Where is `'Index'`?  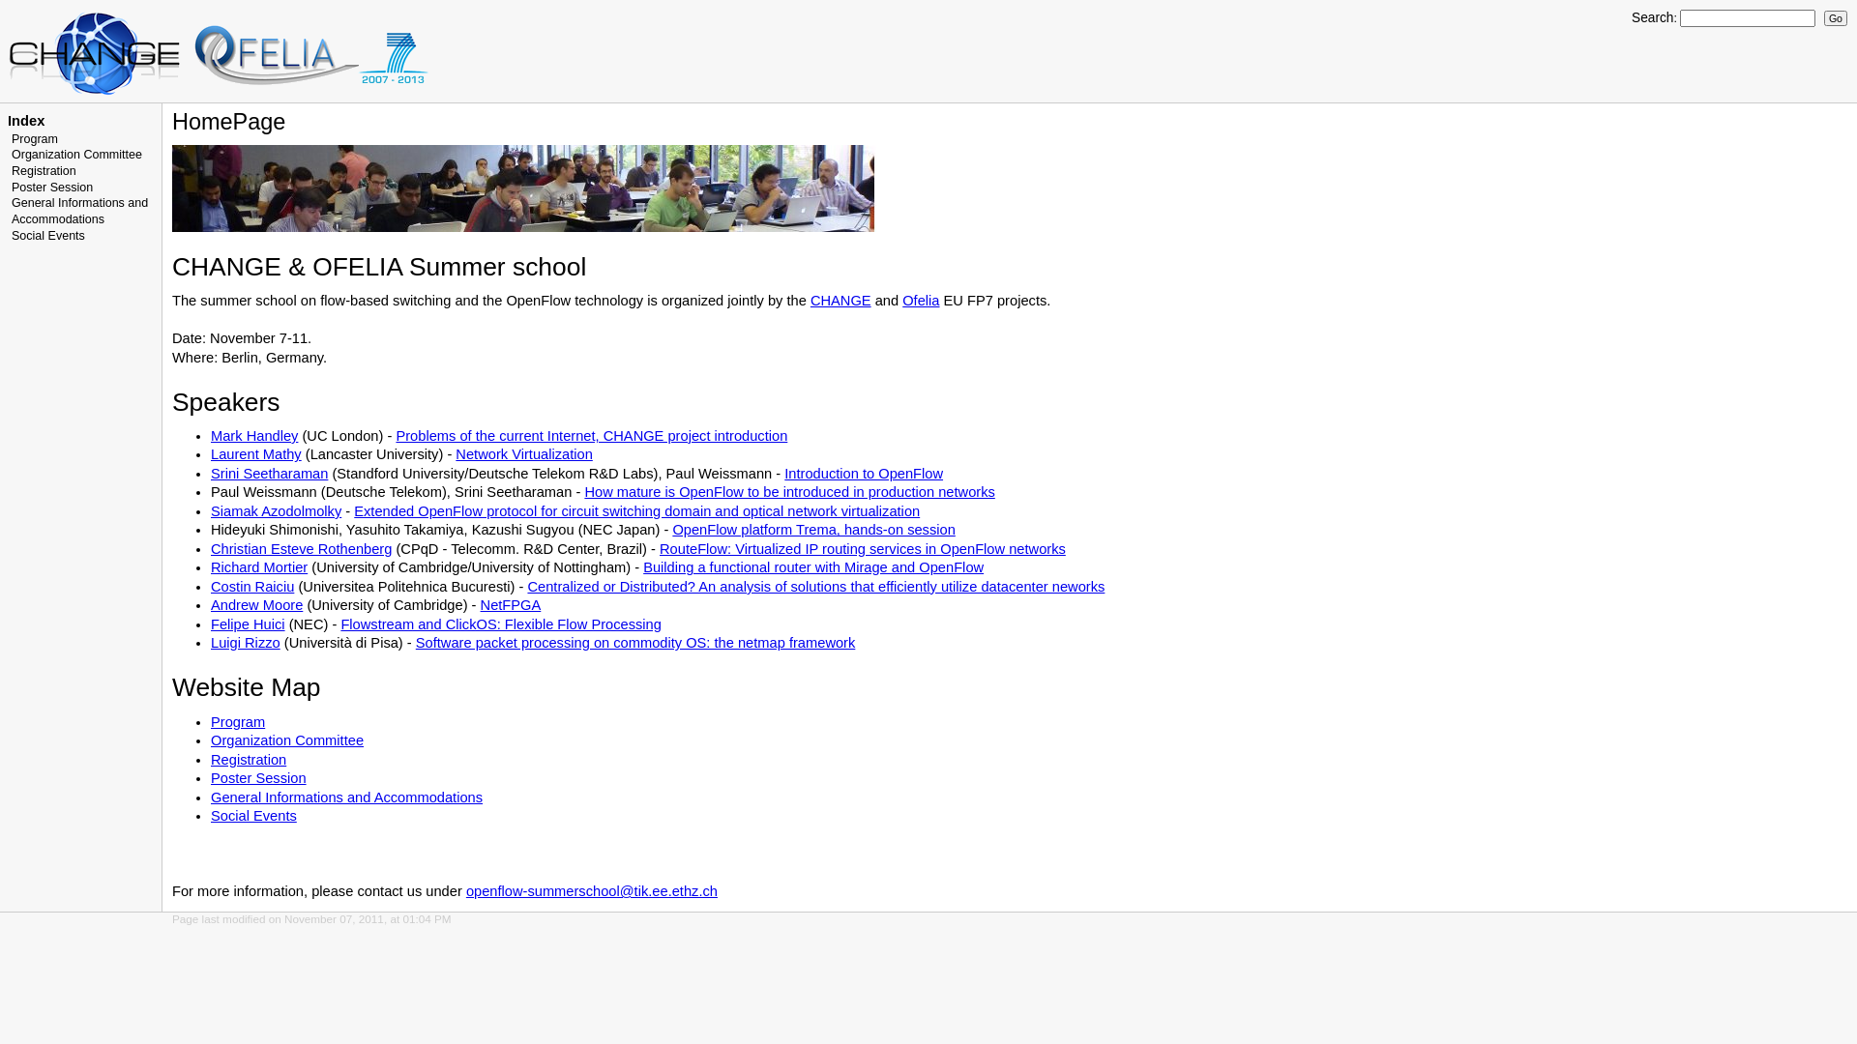 'Index' is located at coordinates (26, 120).